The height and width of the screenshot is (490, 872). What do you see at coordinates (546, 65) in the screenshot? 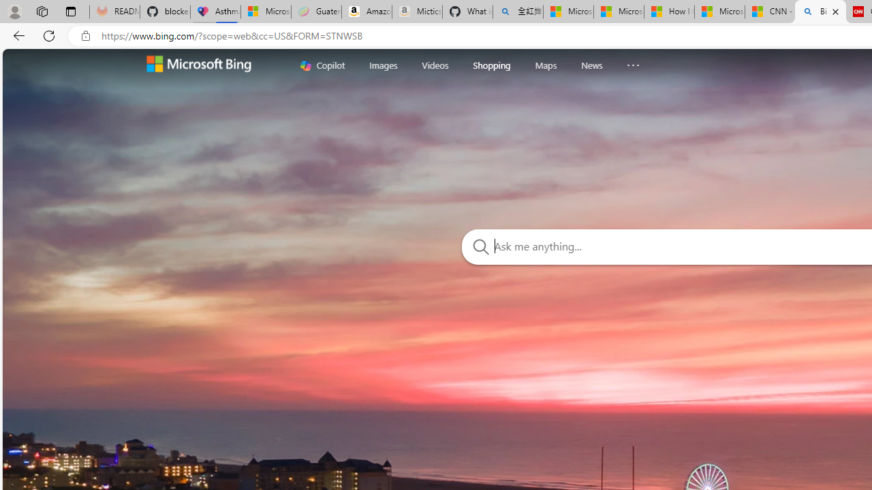
I see `'Maps'` at bounding box center [546, 65].